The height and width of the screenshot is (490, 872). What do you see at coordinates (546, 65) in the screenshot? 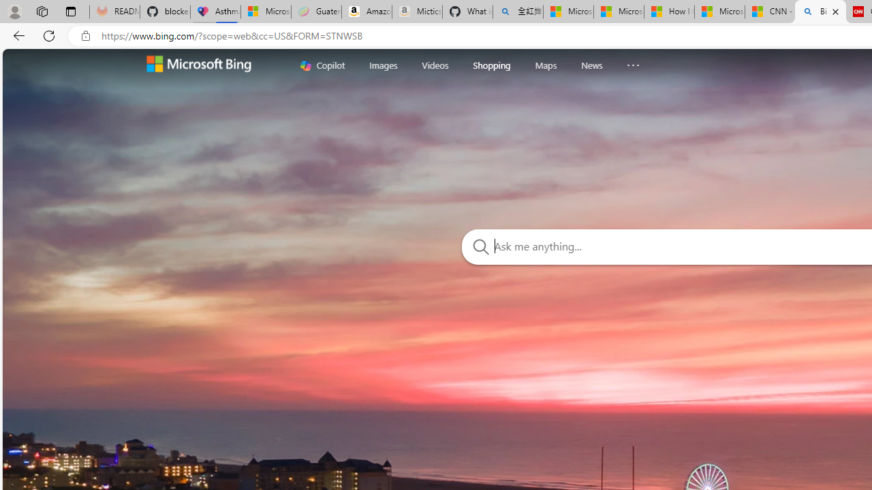
I see `'Maps'` at bounding box center [546, 65].